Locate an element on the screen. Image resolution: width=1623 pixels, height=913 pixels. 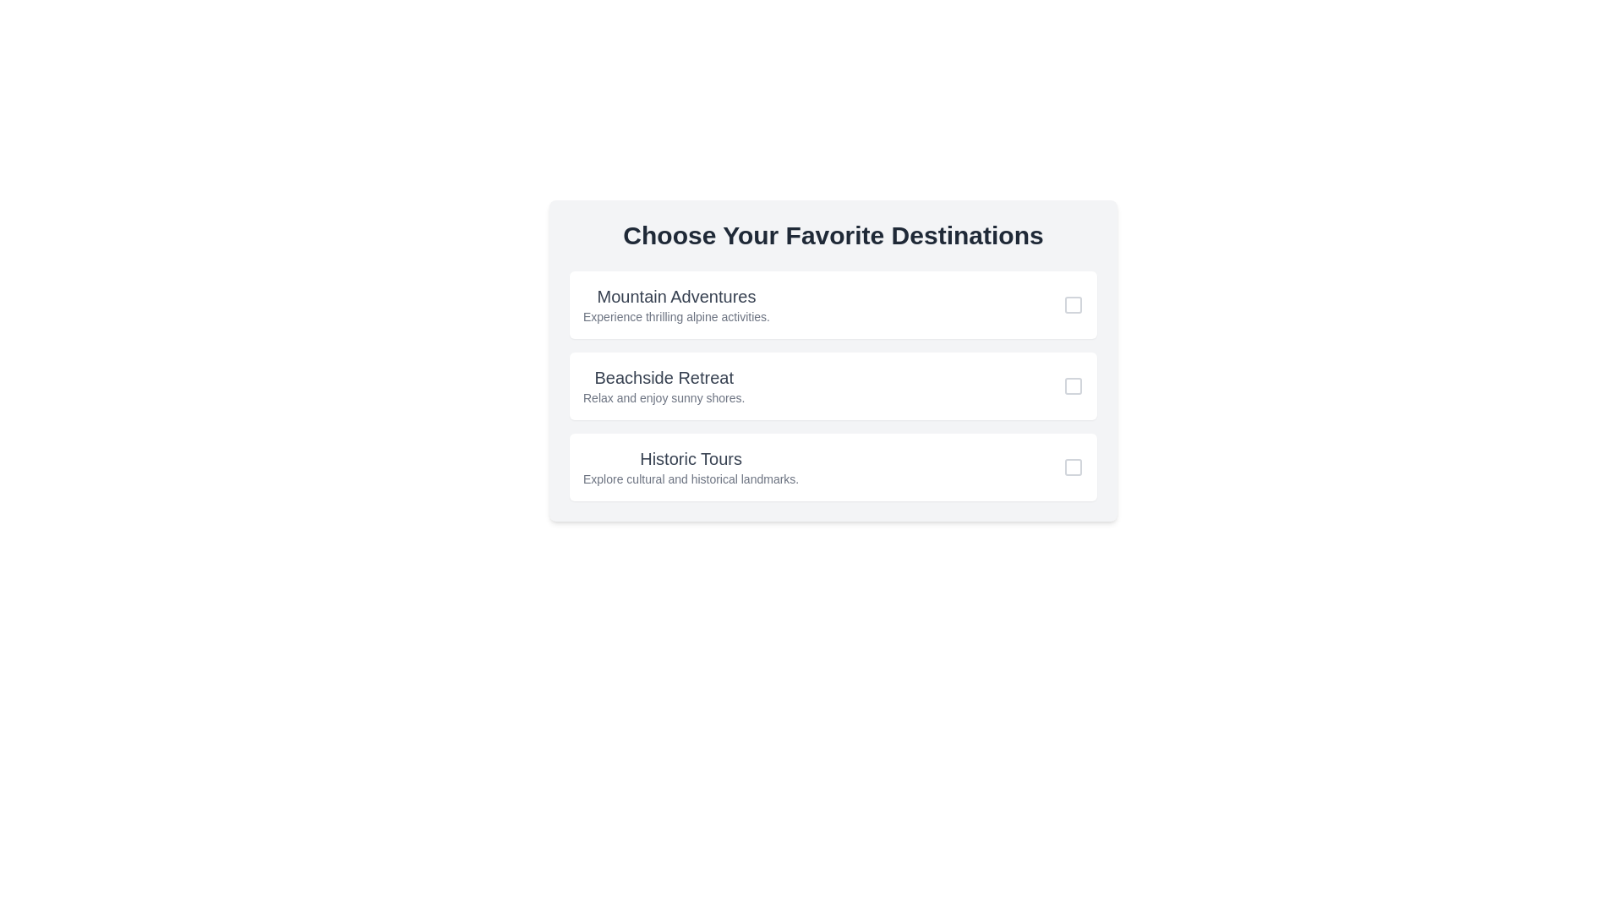
the small light gray rectangle with rounded corners, which is the inner component of the rightmost icon in the 'Historic Tours' list is located at coordinates (1073, 467).